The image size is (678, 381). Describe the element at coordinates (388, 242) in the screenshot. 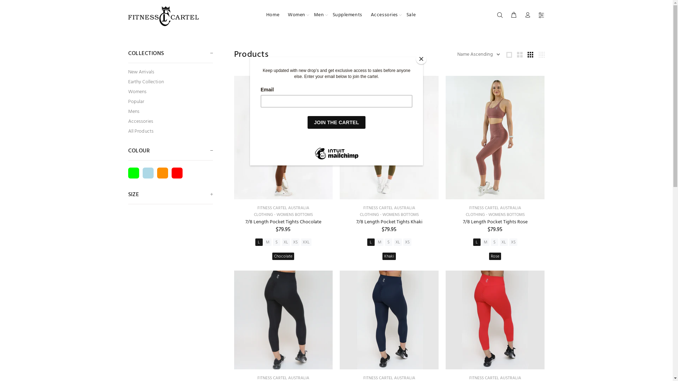

I see `'S'` at that location.